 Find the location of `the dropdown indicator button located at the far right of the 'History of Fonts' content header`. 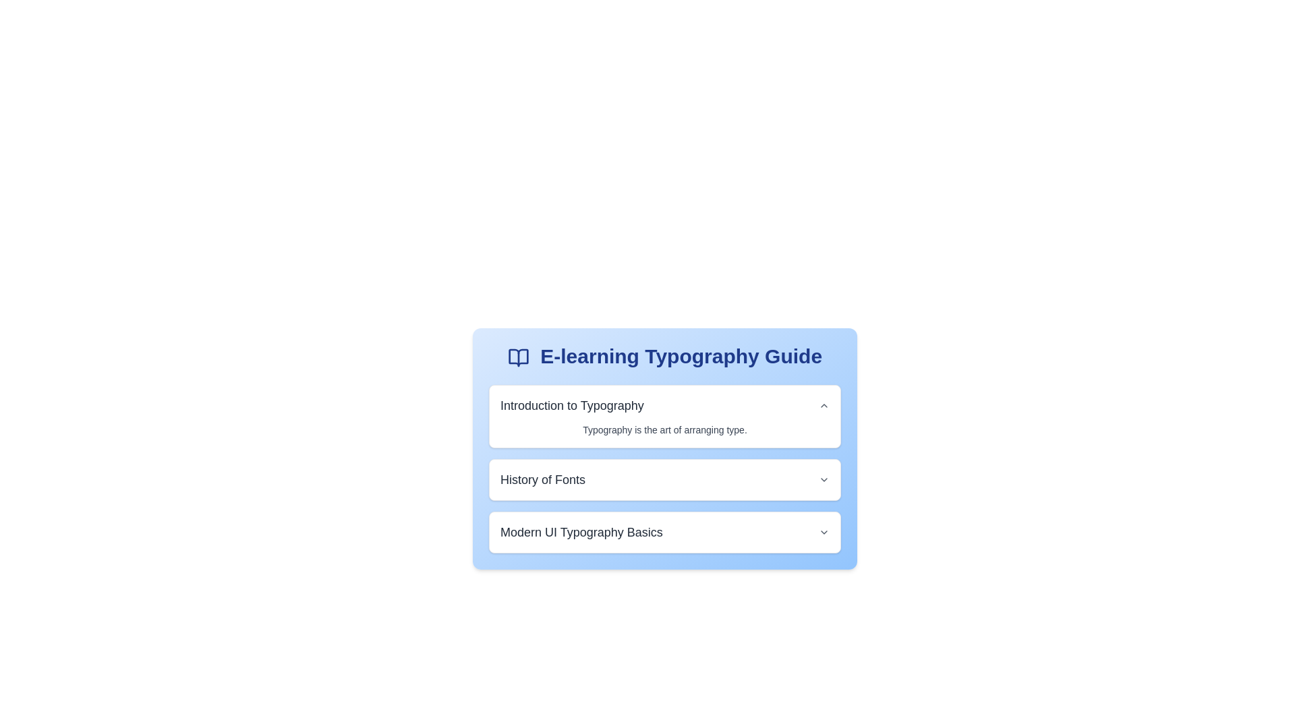

the dropdown indicator button located at the far right of the 'History of Fonts' content header is located at coordinates (824, 479).